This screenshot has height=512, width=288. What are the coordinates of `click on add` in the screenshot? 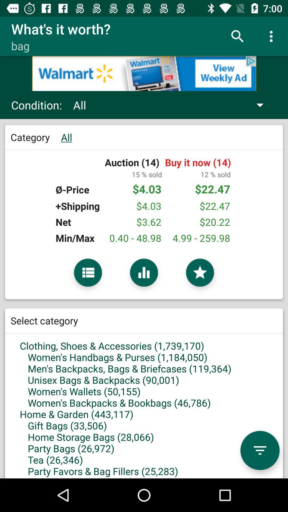 It's located at (144, 73).